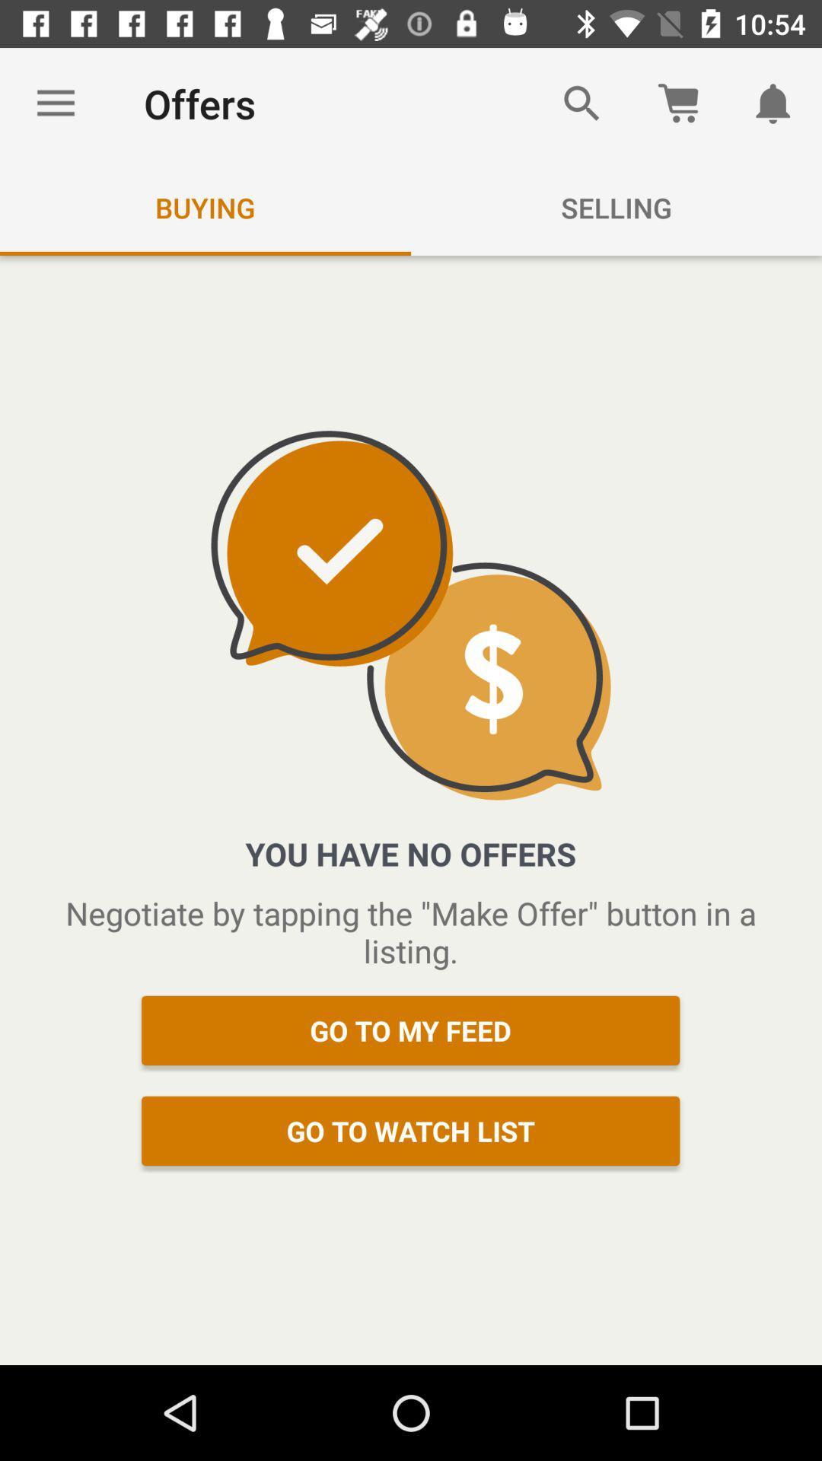  What do you see at coordinates (55, 103) in the screenshot?
I see `the icon to the left of the offers icon` at bounding box center [55, 103].